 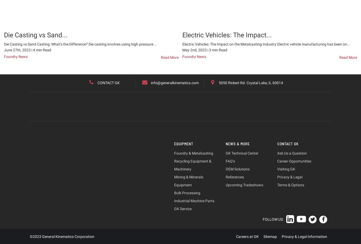 I want to click on '©2023 General Kinematics Corporation', so click(x=62, y=236).